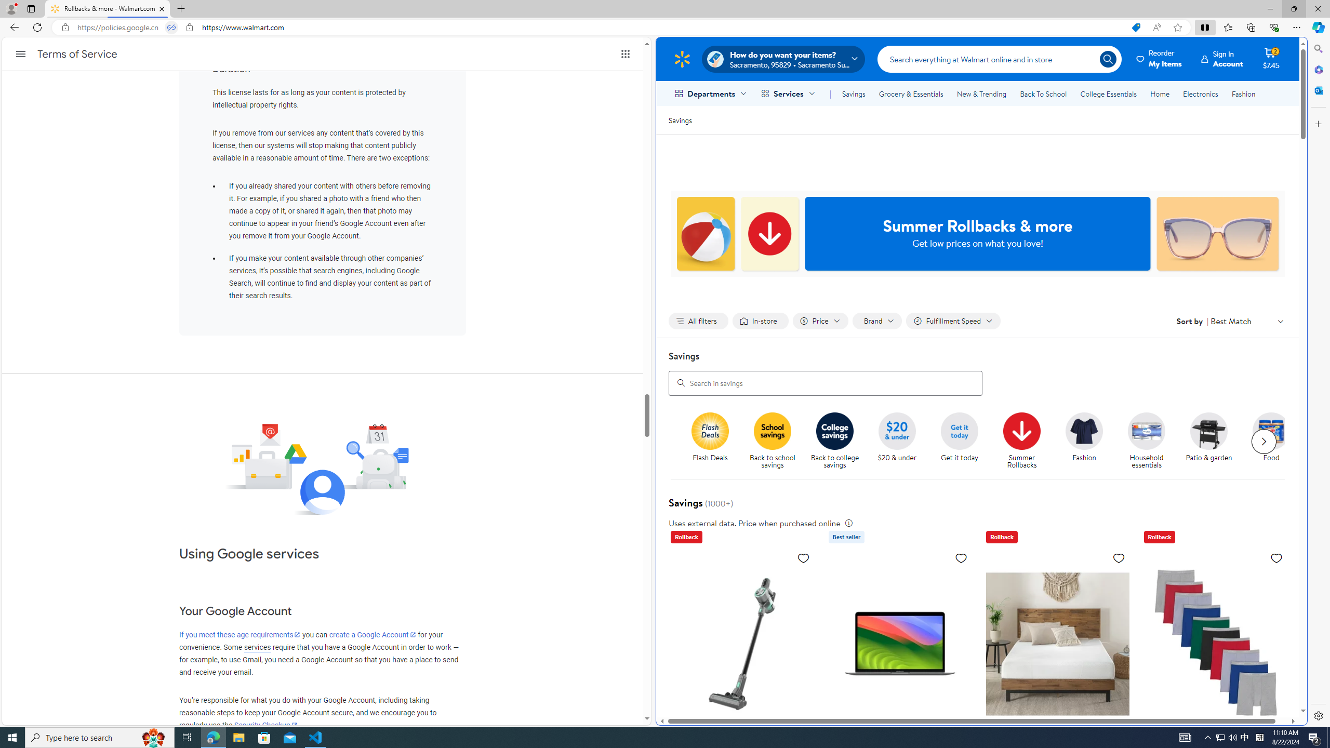 Image resolution: width=1330 pixels, height=748 pixels. Describe the element at coordinates (12, 26) in the screenshot. I see `'Back'` at that location.